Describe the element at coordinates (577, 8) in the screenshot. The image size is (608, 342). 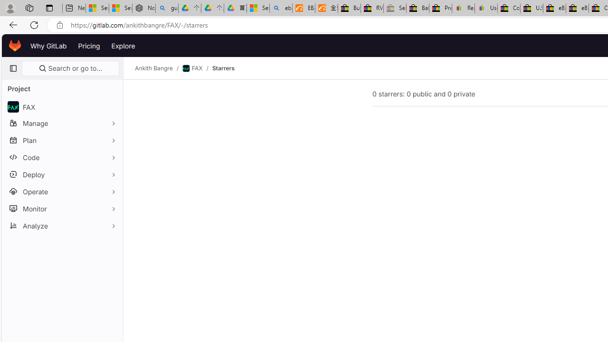
I see `'eBay Inc. Reports Third Quarter 2023 Results'` at that location.